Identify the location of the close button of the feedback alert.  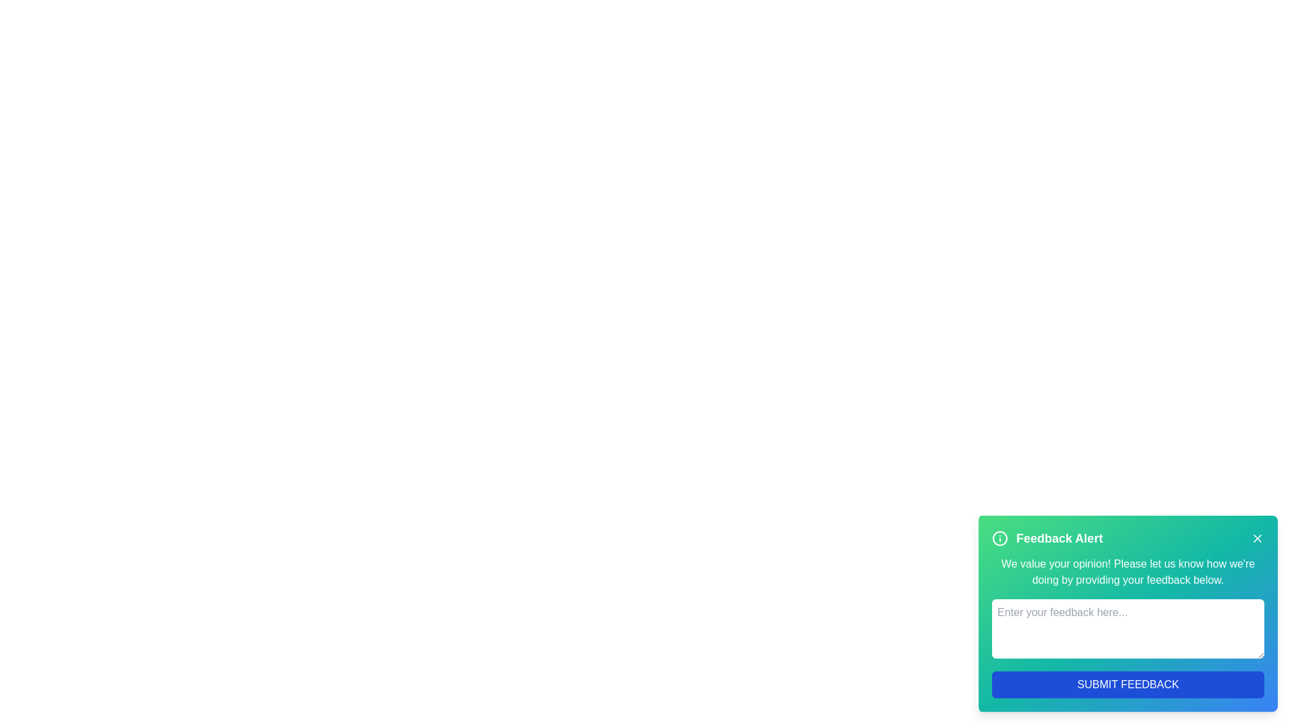
(1257, 537).